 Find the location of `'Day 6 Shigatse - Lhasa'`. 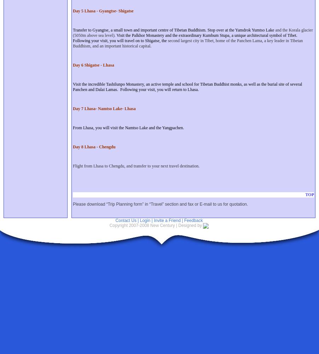

'Day 6 Shigatse - Lhasa' is located at coordinates (93, 65).